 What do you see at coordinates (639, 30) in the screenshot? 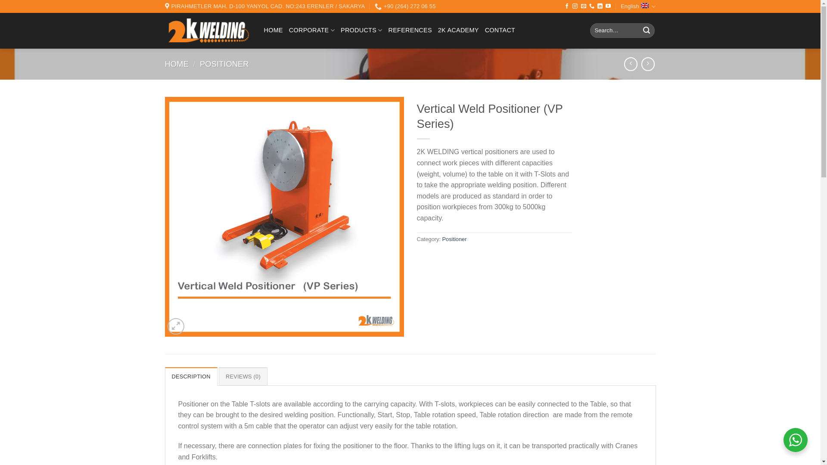
I see `'Search'` at bounding box center [639, 30].